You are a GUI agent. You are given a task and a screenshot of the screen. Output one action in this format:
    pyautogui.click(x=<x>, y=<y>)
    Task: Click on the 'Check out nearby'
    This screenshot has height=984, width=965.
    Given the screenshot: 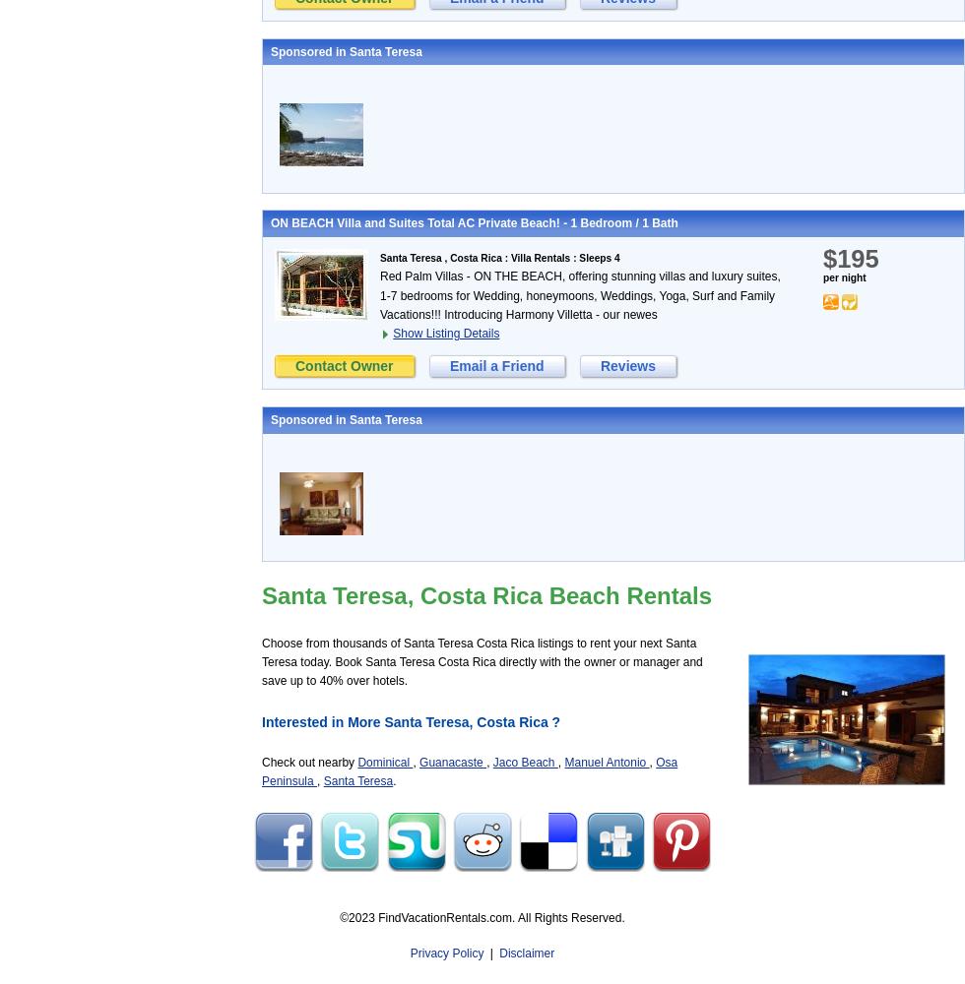 What is the action you would take?
    pyautogui.click(x=261, y=763)
    